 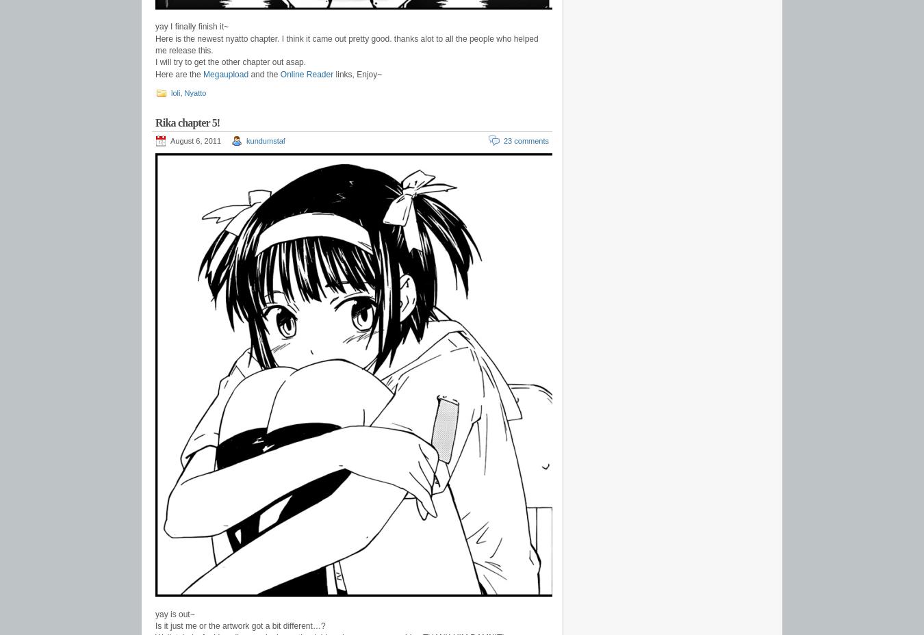 What do you see at coordinates (179, 73) in the screenshot?
I see `'Here are the'` at bounding box center [179, 73].